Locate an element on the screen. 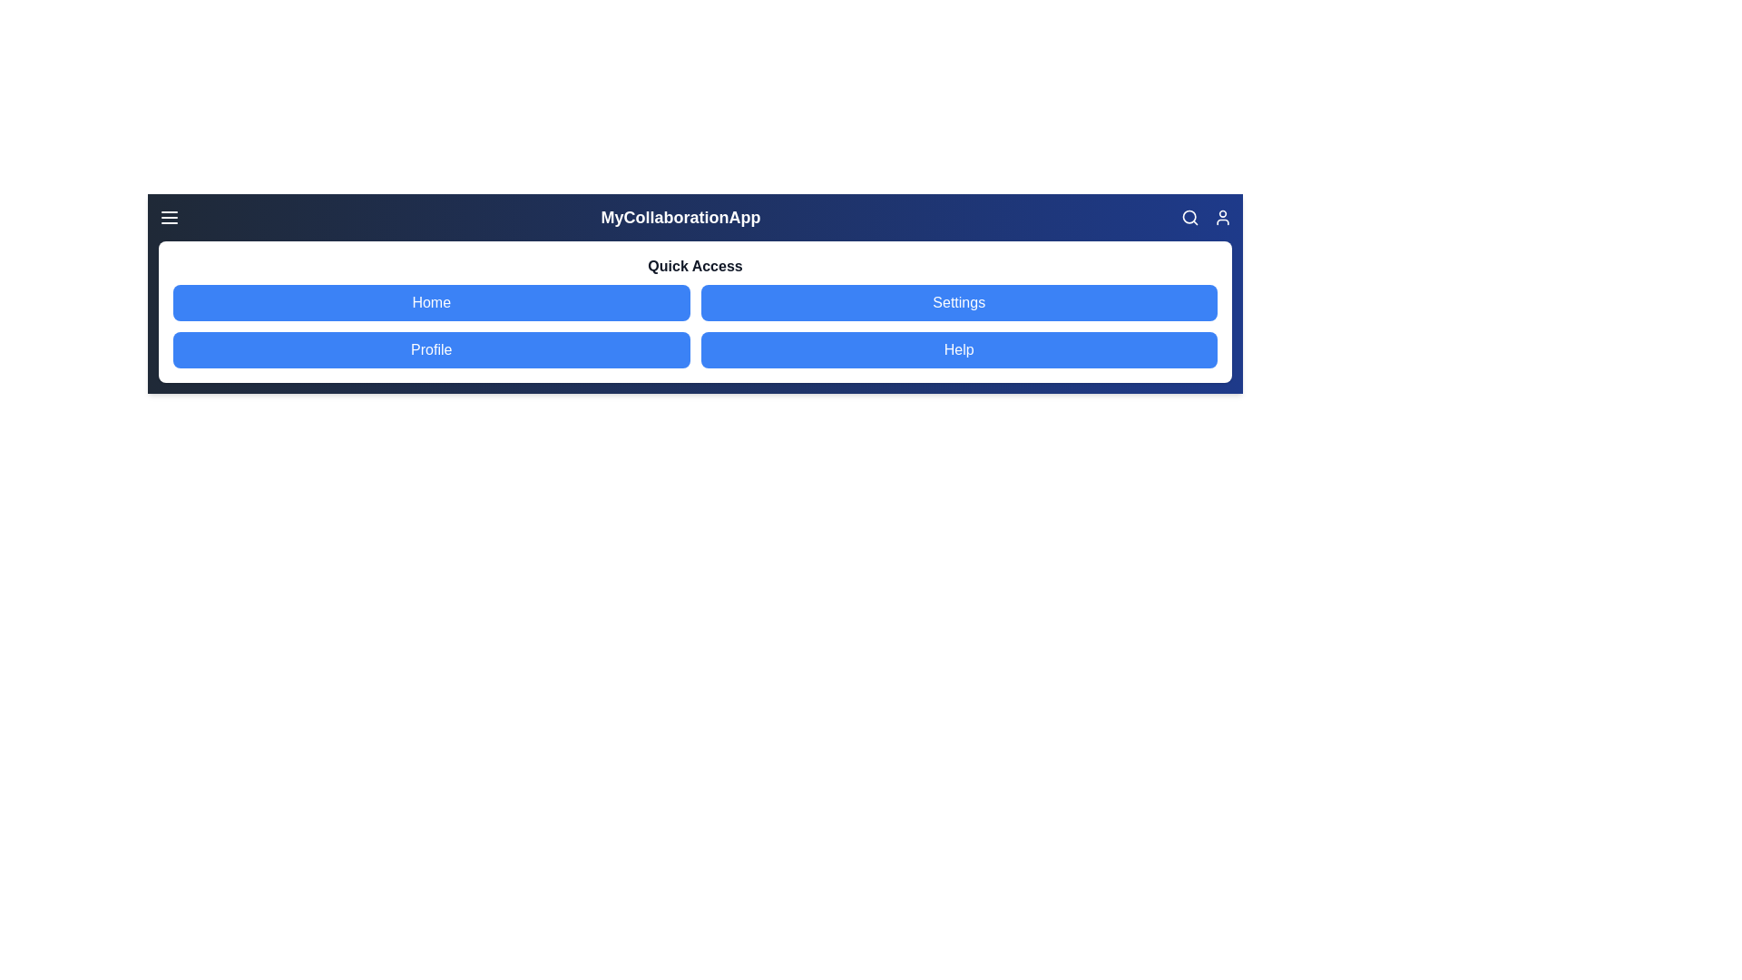 The image size is (1742, 980). the menu button to toggle the menu visibility is located at coordinates (170, 216).